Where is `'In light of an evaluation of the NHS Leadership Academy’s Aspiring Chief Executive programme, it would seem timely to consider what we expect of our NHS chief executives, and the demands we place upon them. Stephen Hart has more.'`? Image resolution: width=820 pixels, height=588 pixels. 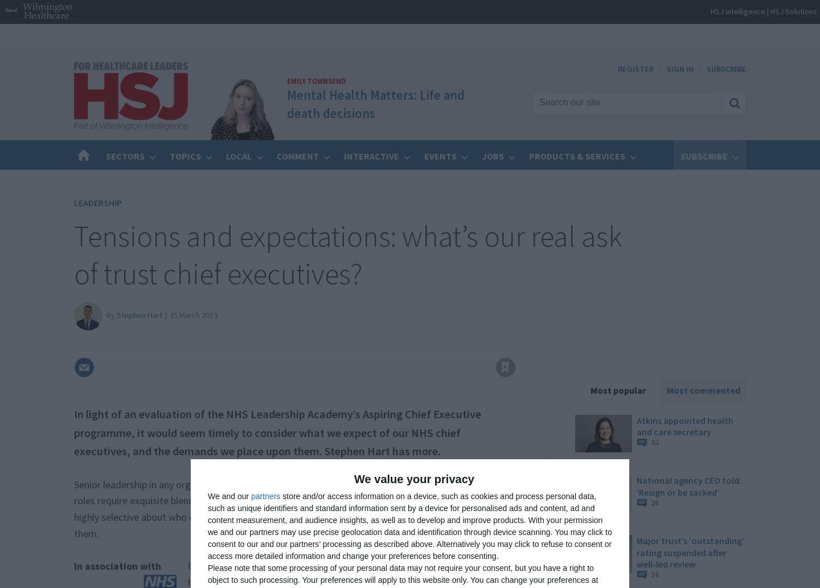 'In light of an evaluation of the NHS Leadership Academy’s Aspiring Chief Executive programme, it would seem timely to consider what we expect of our NHS chief executives, and the demands we place upon them. Stephen Hart has more.' is located at coordinates (277, 432).